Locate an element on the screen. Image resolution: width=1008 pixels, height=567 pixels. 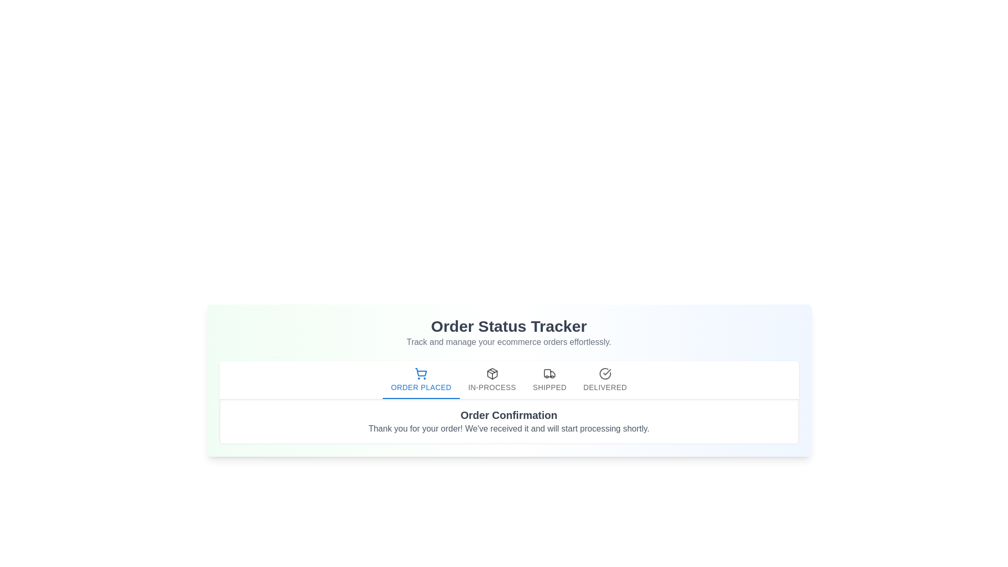
the text label that reads 'Track and manage your ecommerce orders effortlessly.', which is aligned beneath the title 'Order Status Tracker' is located at coordinates (509, 342).